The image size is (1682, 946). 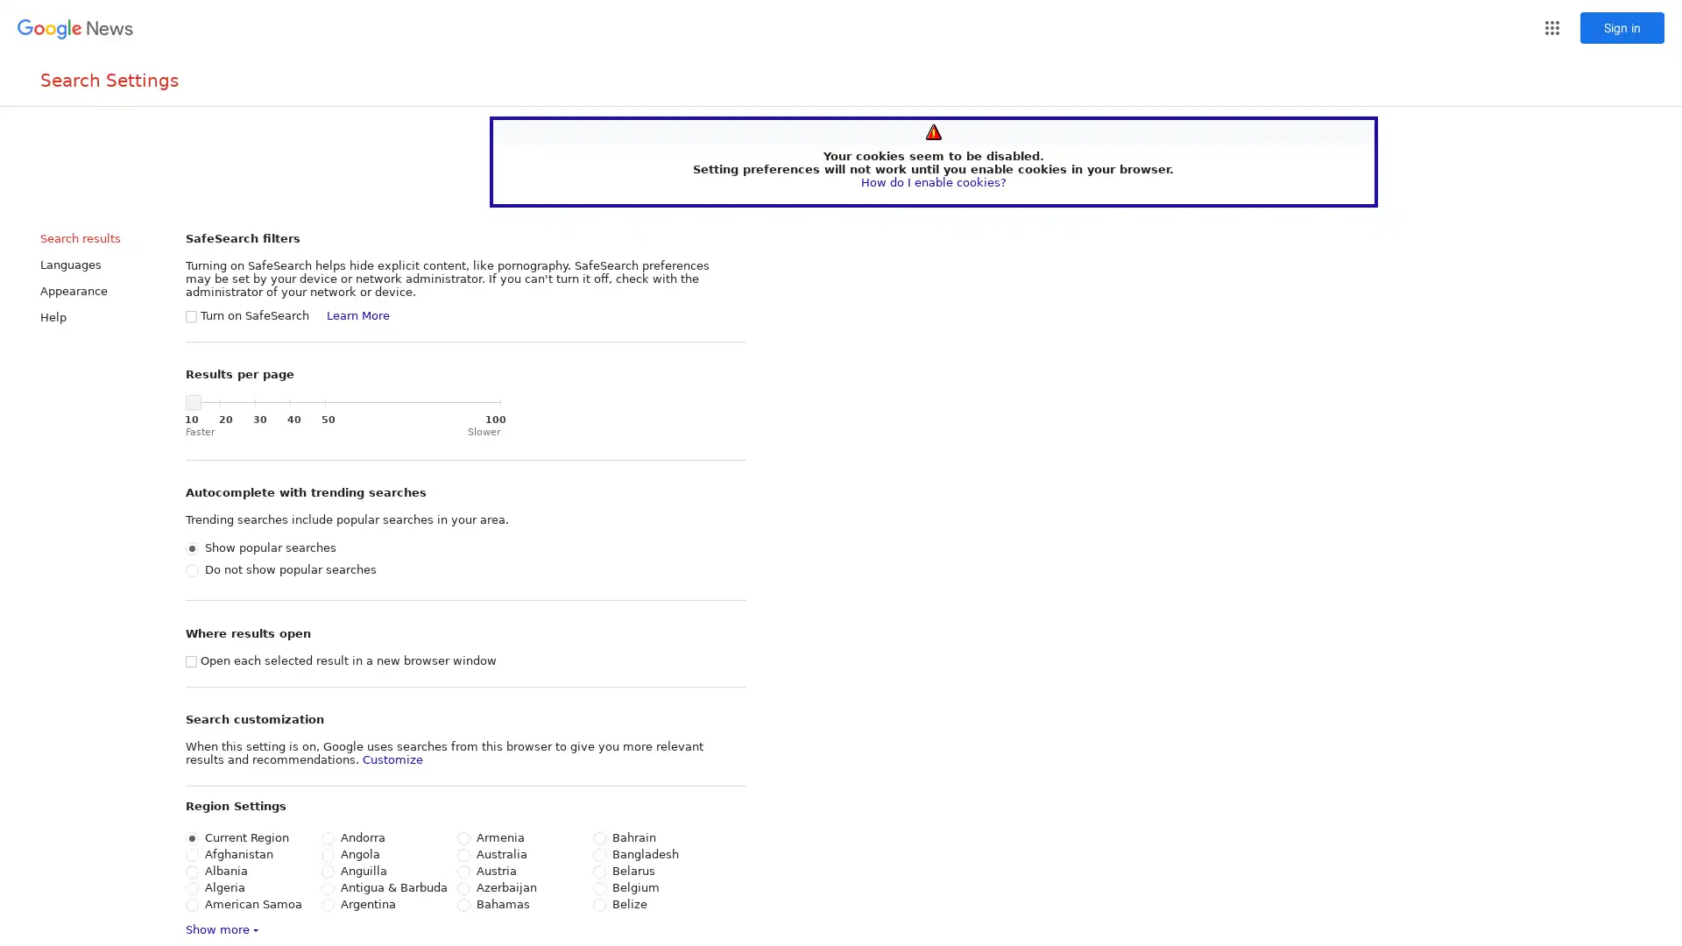 What do you see at coordinates (1551, 27) in the screenshot?
I see `Google apps` at bounding box center [1551, 27].